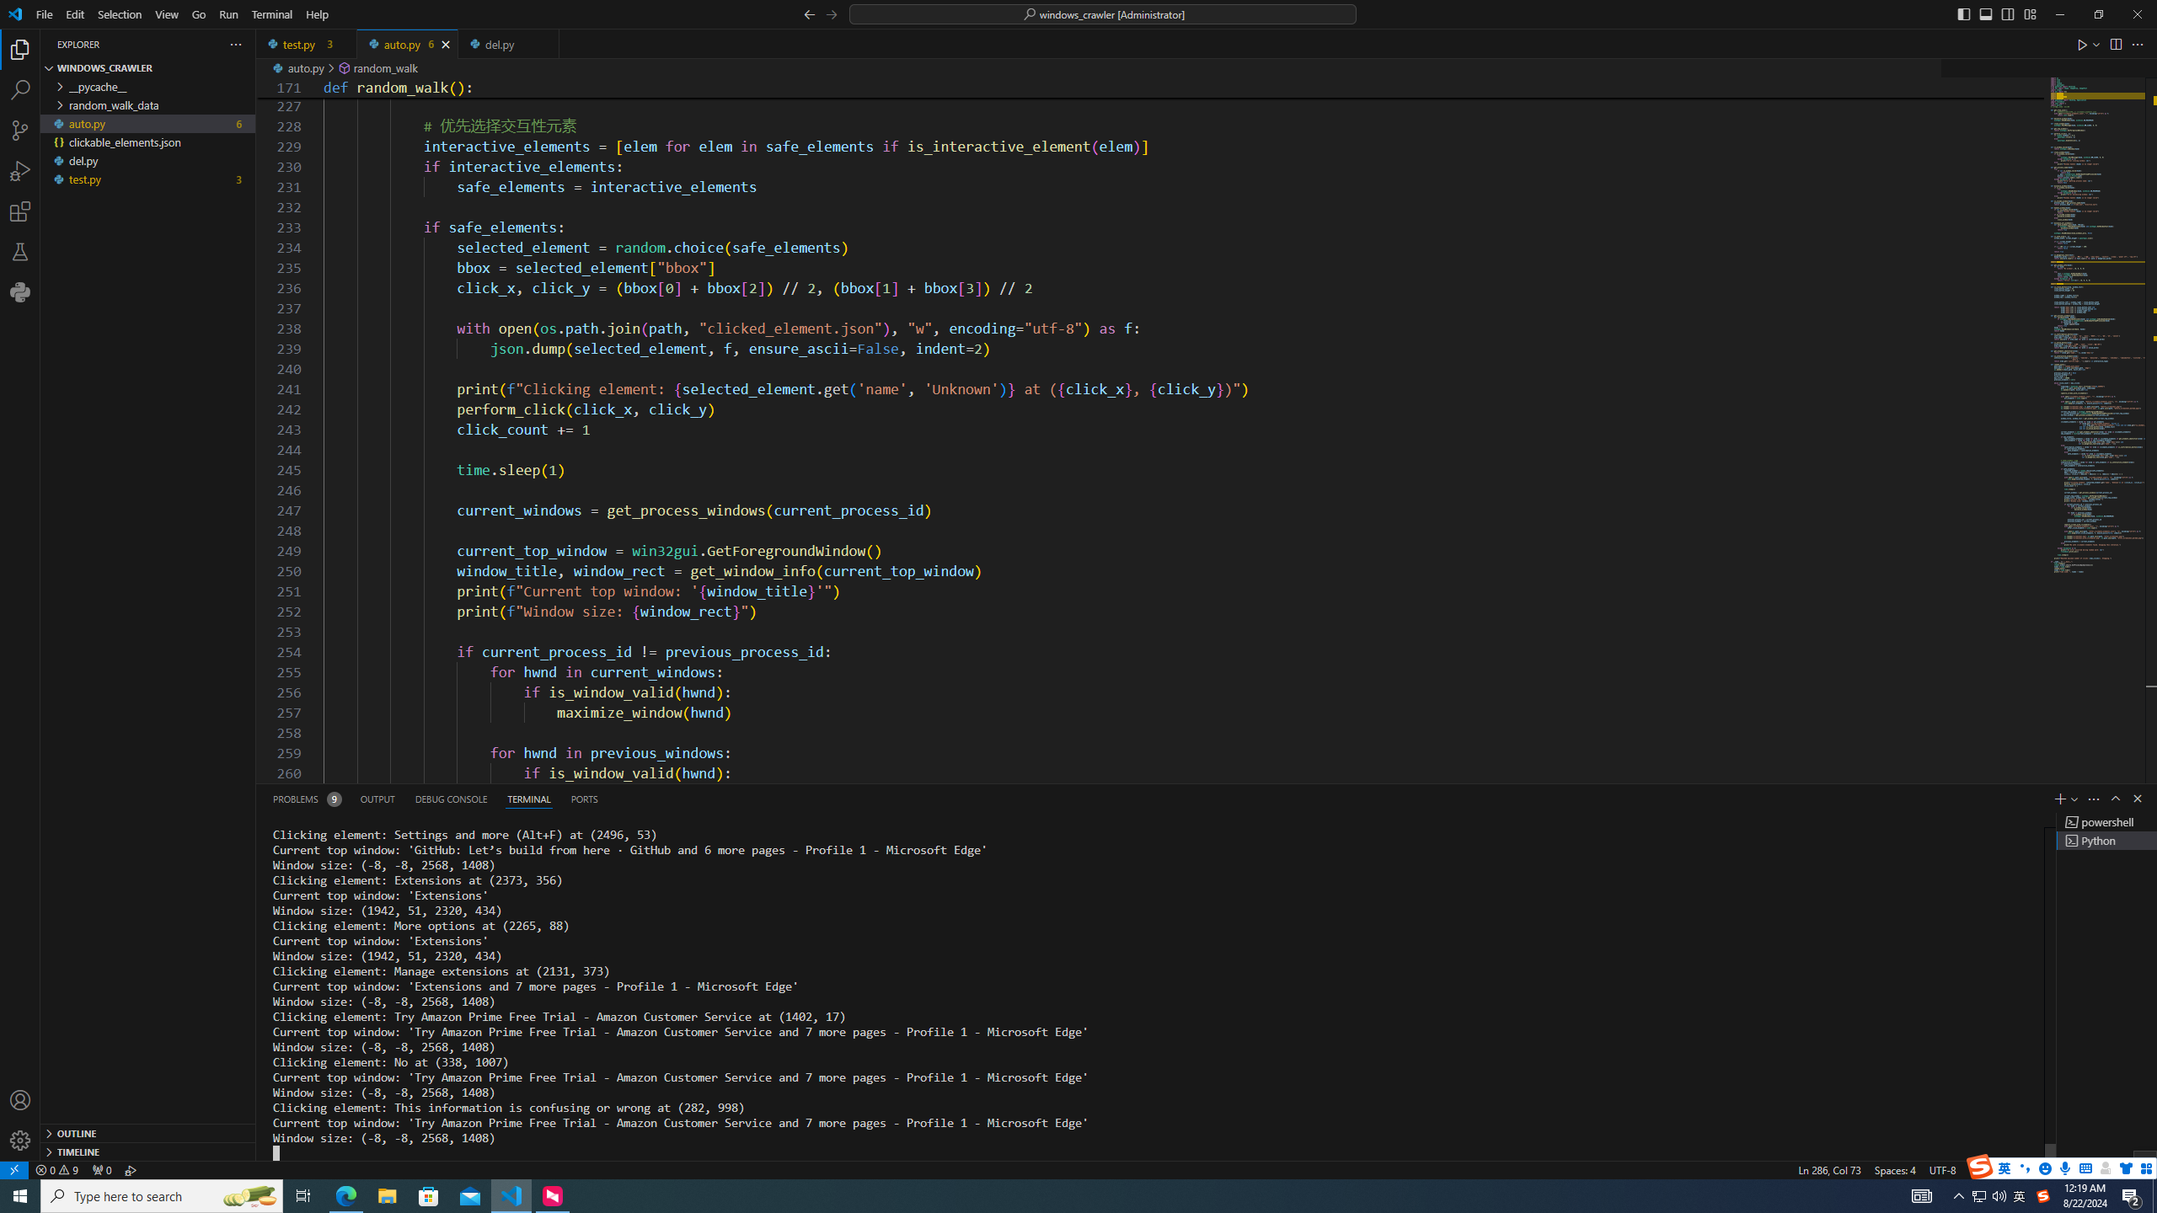  Describe the element at coordinates (2106, 820) in the screenshot. I see `'Terminal 1 powershell'` at that location.